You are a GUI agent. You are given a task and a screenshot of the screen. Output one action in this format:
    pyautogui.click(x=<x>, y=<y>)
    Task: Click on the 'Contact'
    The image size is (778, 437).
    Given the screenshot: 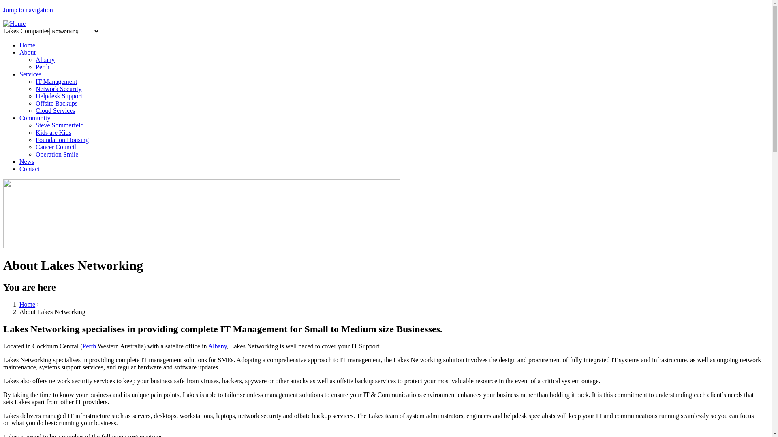 What is the action you would take?
    pyautogui.click(x=29, y=168)
    